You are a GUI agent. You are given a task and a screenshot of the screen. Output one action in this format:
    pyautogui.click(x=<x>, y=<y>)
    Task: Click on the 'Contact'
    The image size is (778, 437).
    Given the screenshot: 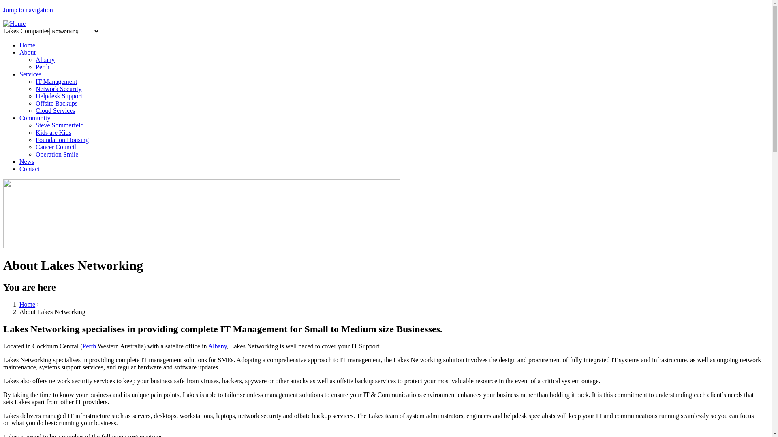 What is the action you would take?
    pyautogui.click(x=29, y=168)
    